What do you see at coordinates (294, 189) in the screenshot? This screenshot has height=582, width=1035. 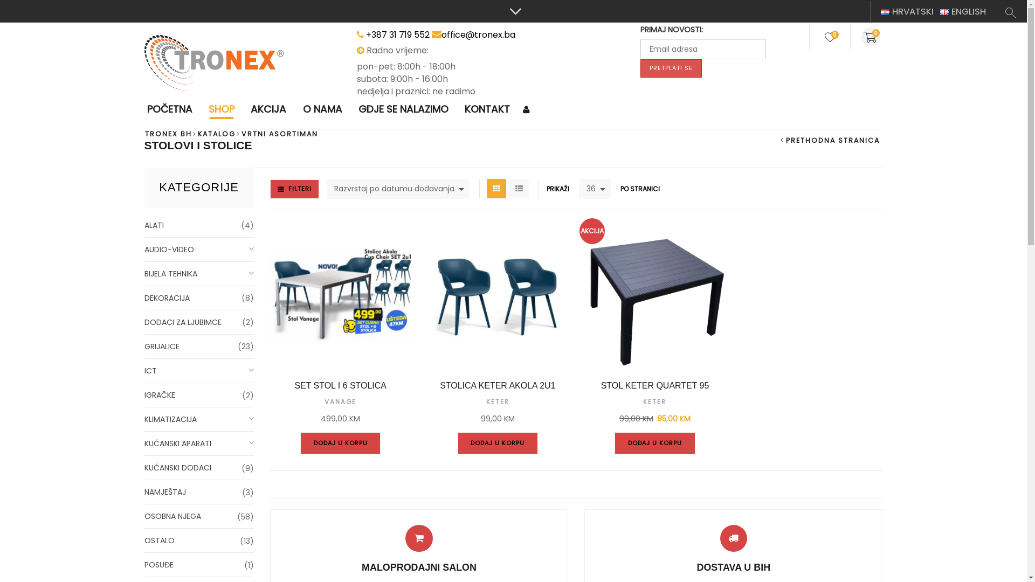 I see `'FILTERI'` at bounding box center [294, 189].